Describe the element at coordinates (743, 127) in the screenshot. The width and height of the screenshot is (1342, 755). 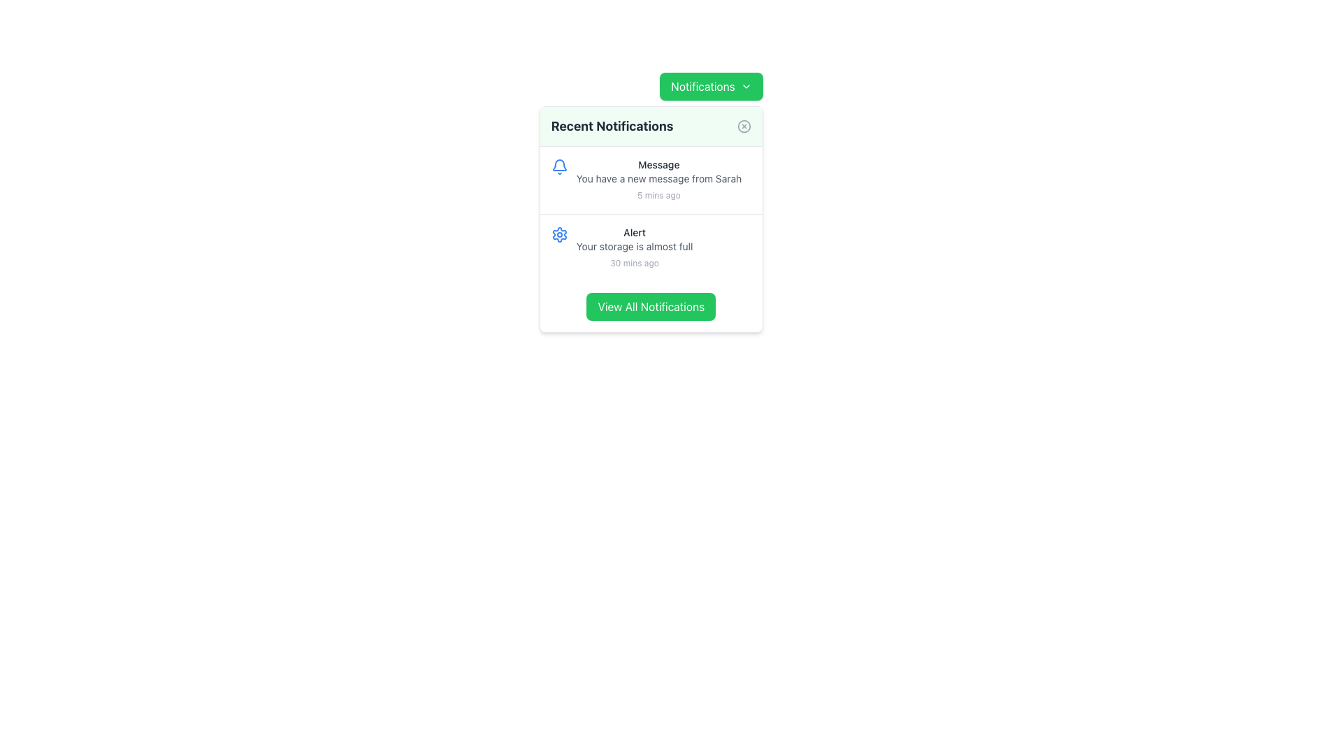
I see `the close button for the notification panel located at the top right corner of the 'Recent Notifications' section to change its color` at that location.